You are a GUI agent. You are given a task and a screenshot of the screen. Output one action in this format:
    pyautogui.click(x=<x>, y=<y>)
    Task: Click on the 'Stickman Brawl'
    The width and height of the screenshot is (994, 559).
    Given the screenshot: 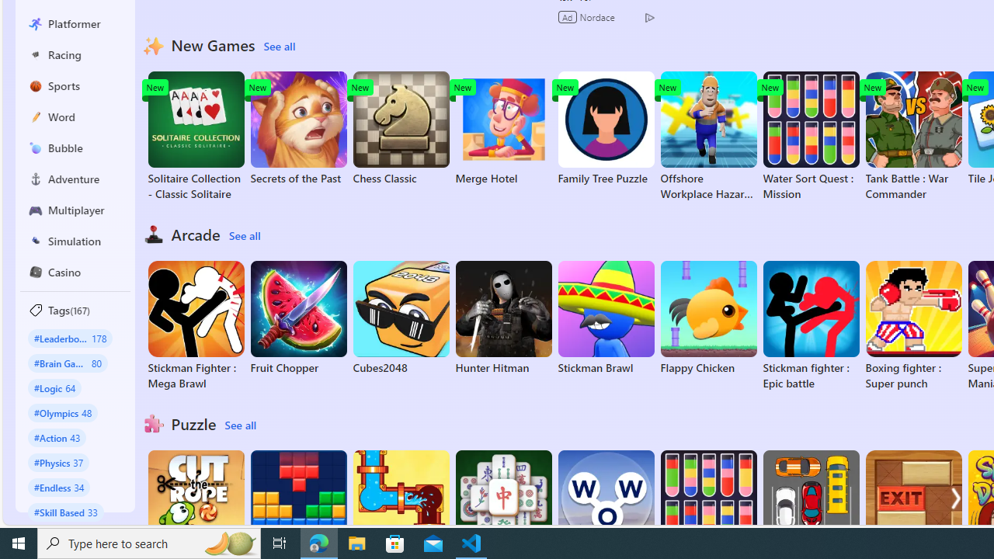 What is the action you would take?
    pyautogui.click(x=605, y=318)
    